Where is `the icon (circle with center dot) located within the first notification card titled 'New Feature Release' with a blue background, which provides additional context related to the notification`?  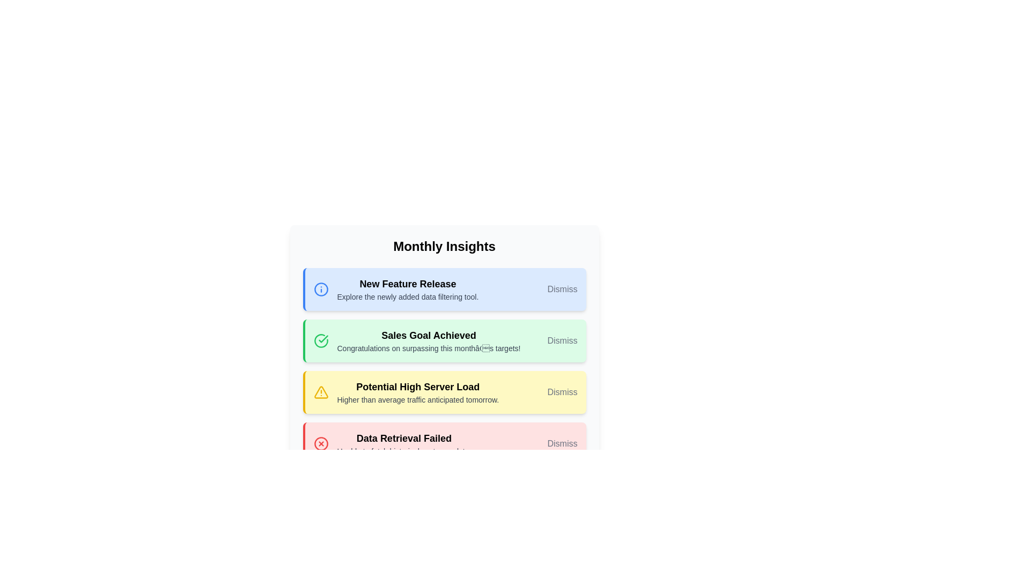 the icon (circle with center dot) located within the first notification card titled 'New Feature Release' with a blue background, which provides additional context related to the notification is located at coordinates (320, 289).